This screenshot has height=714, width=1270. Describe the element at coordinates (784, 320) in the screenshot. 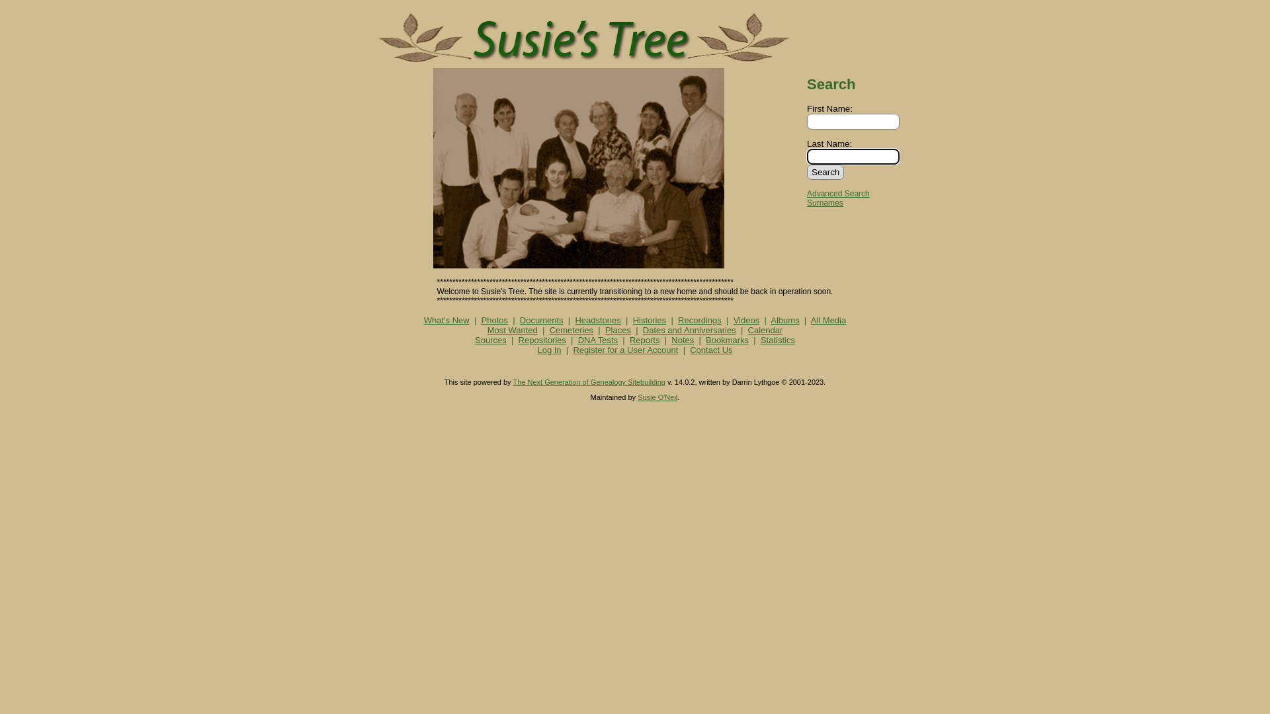

I see `'Albums'` at that location.